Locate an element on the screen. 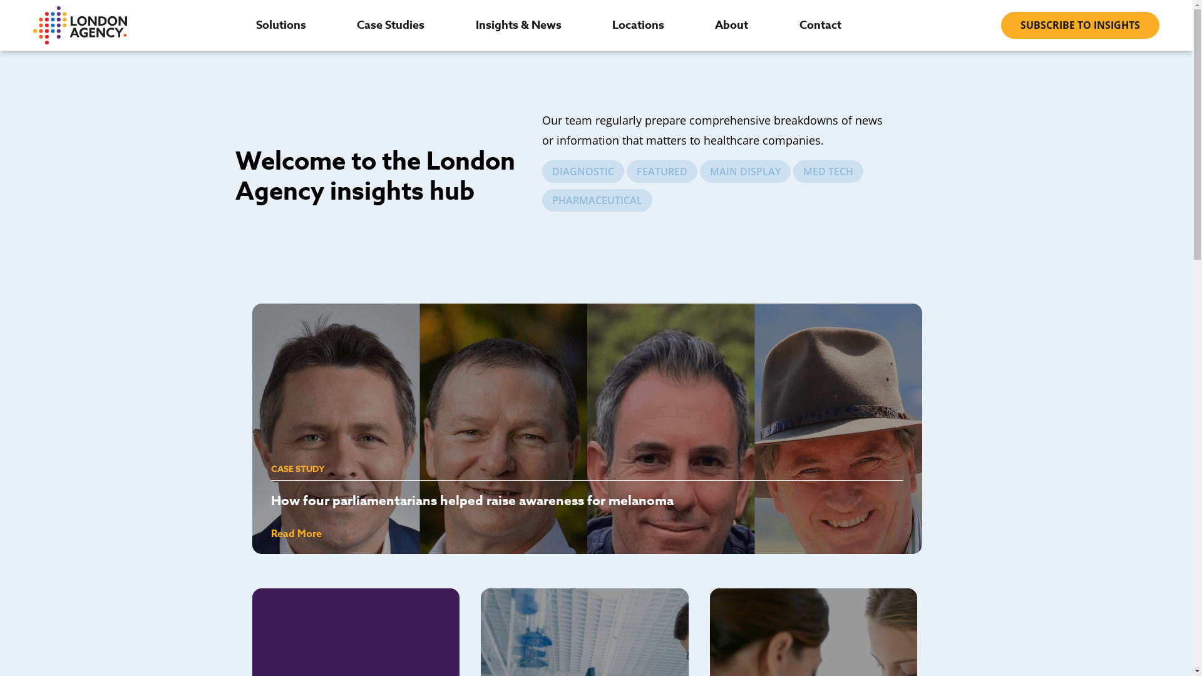 This screenshot has height=676, width=1202. 'FEATURED' is located at coordinates (661, 171).